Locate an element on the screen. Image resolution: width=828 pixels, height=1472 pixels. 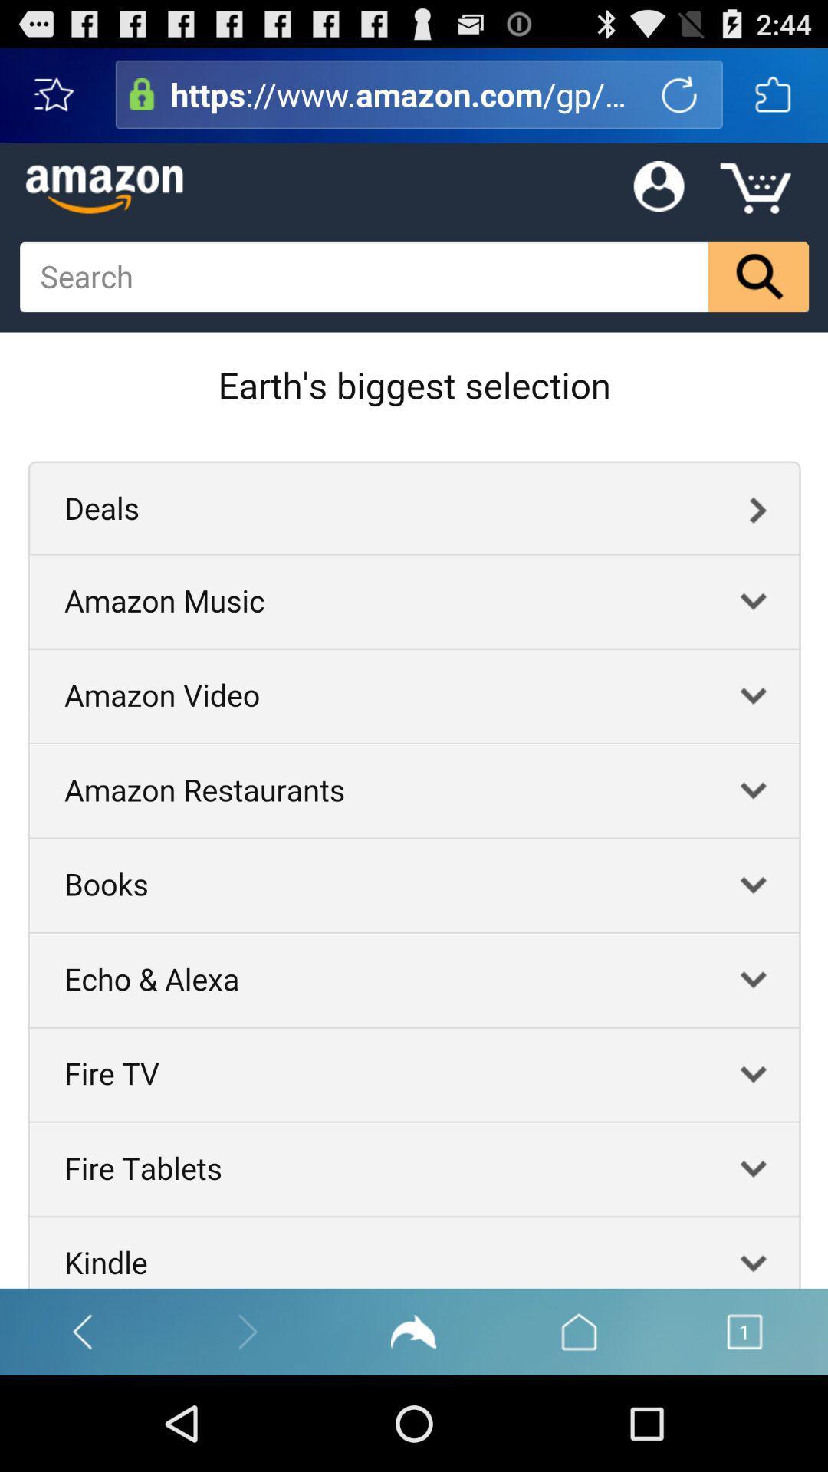
amazon product search is located at coordinates (142, 94).